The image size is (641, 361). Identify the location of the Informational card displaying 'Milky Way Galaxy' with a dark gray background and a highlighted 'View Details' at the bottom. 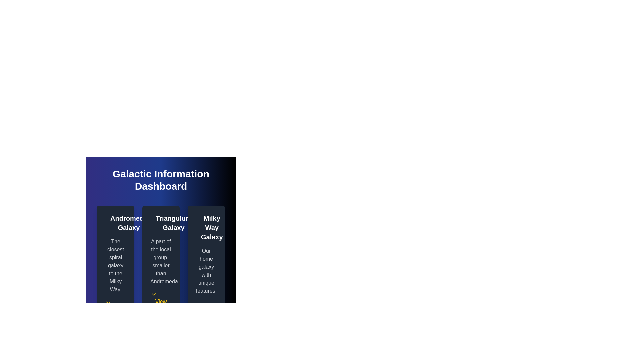
(206, 268).